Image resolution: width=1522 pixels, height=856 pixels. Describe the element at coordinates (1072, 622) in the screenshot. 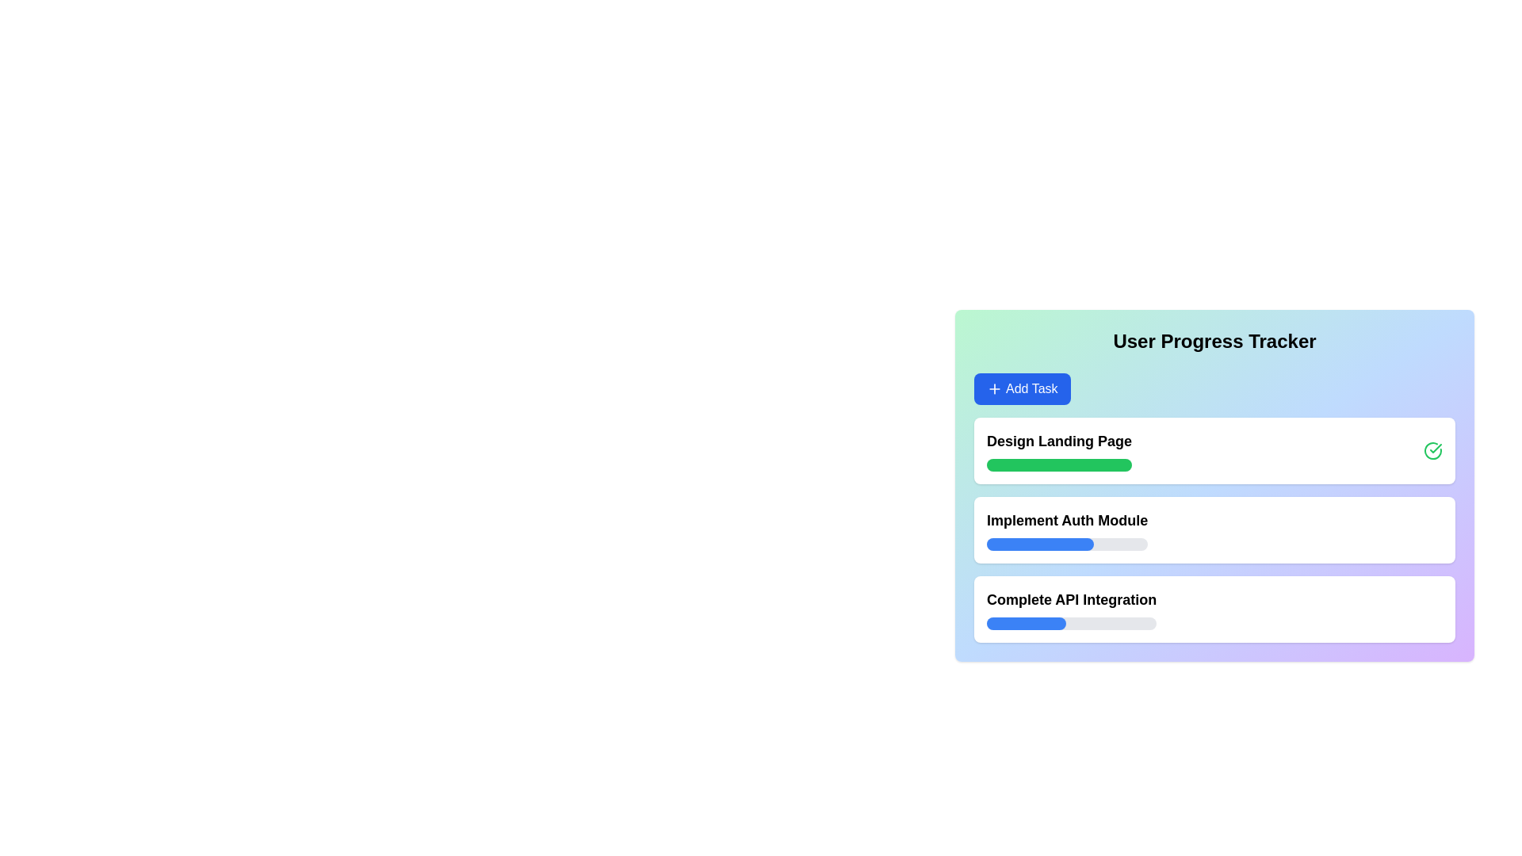

I see `the horizontal progress bar located under the 'Complete API Integration' text` at that location.